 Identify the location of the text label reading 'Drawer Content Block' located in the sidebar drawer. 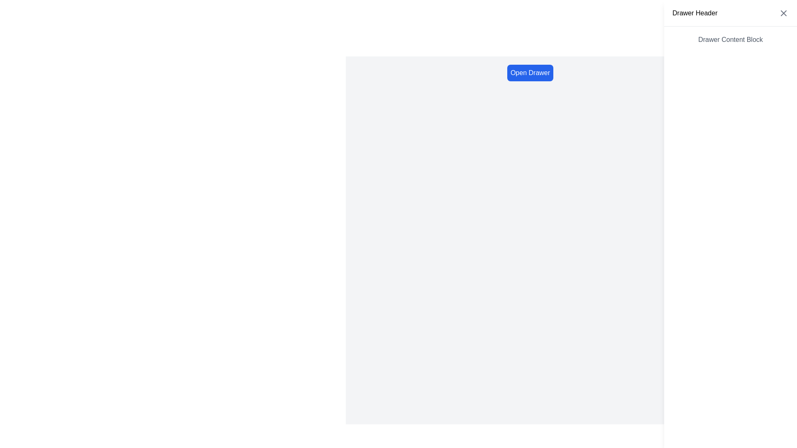
(731, 40).